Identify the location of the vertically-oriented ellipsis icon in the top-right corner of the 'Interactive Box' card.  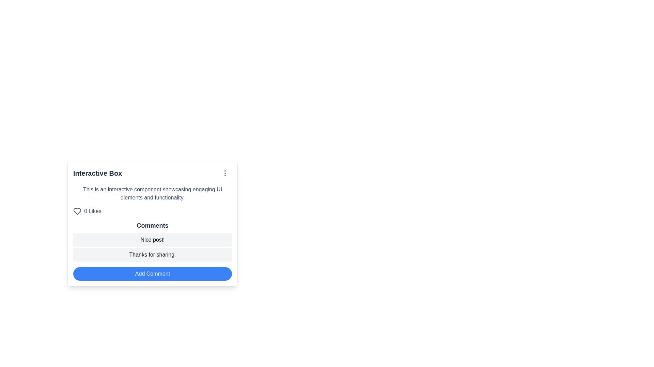
(225, 173).